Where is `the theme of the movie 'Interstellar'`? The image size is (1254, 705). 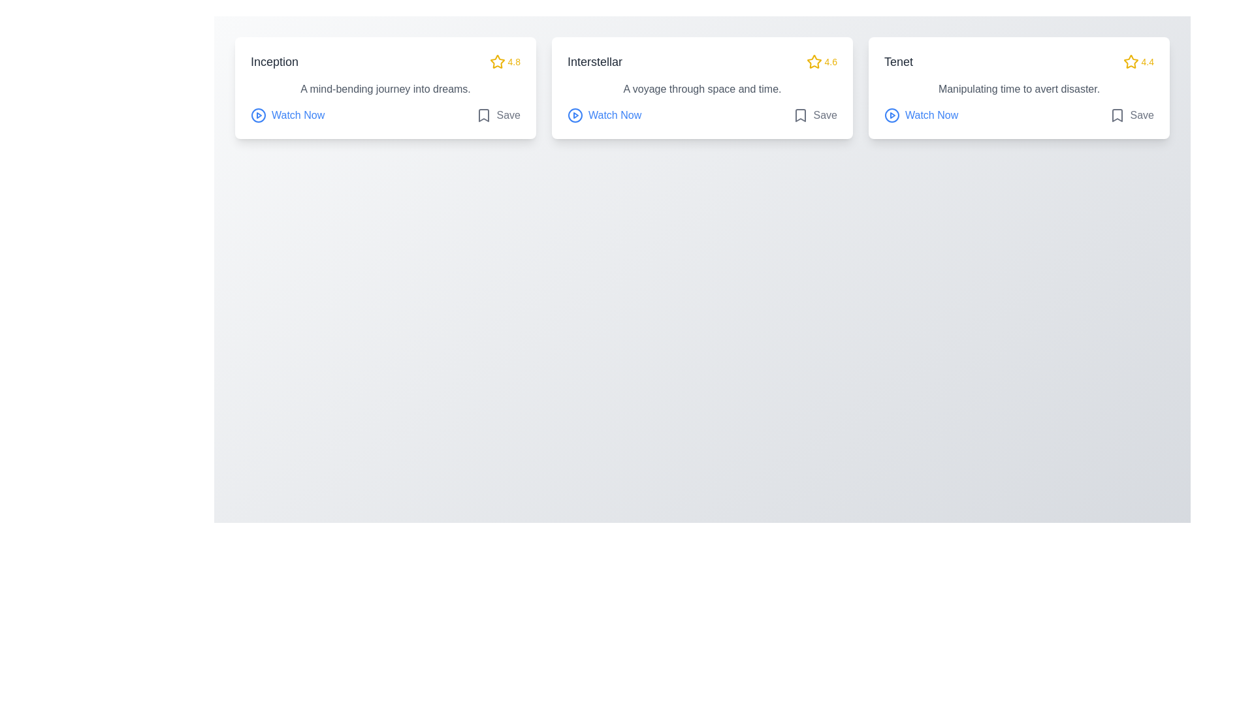 the theme of the movie 'Interstellar' is located at coordinates (701, 89).